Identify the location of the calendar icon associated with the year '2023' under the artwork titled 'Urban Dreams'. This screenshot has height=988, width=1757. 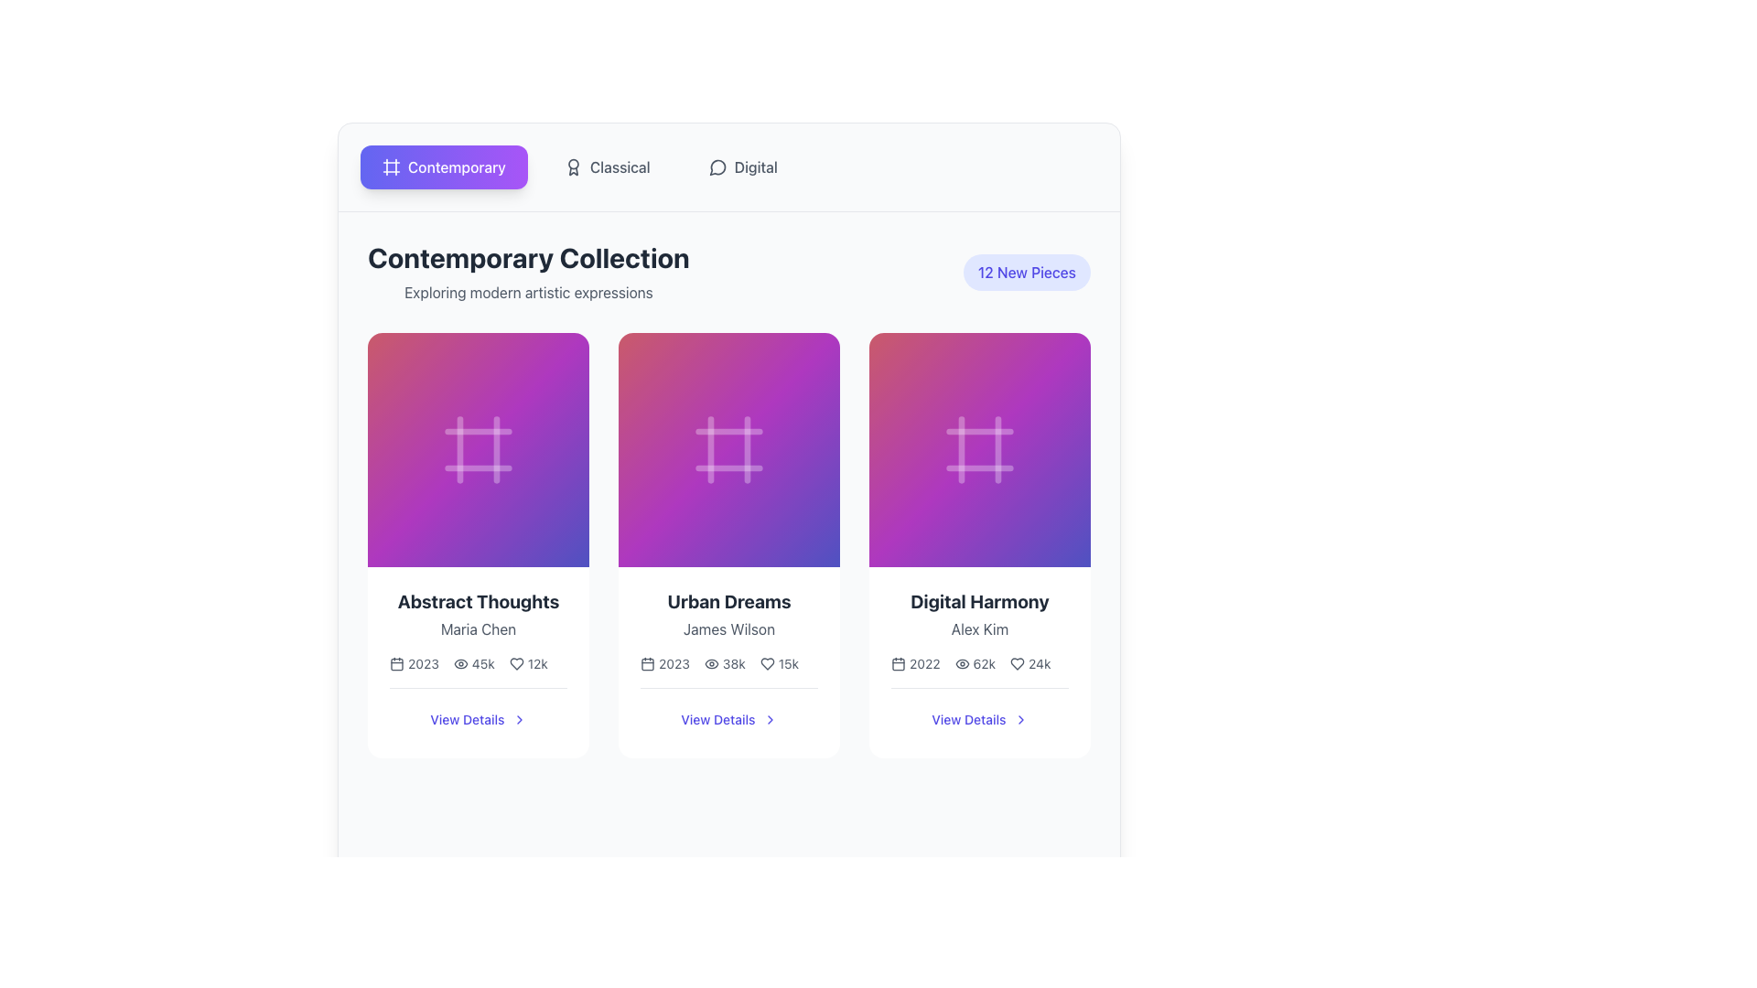
(648, 663).